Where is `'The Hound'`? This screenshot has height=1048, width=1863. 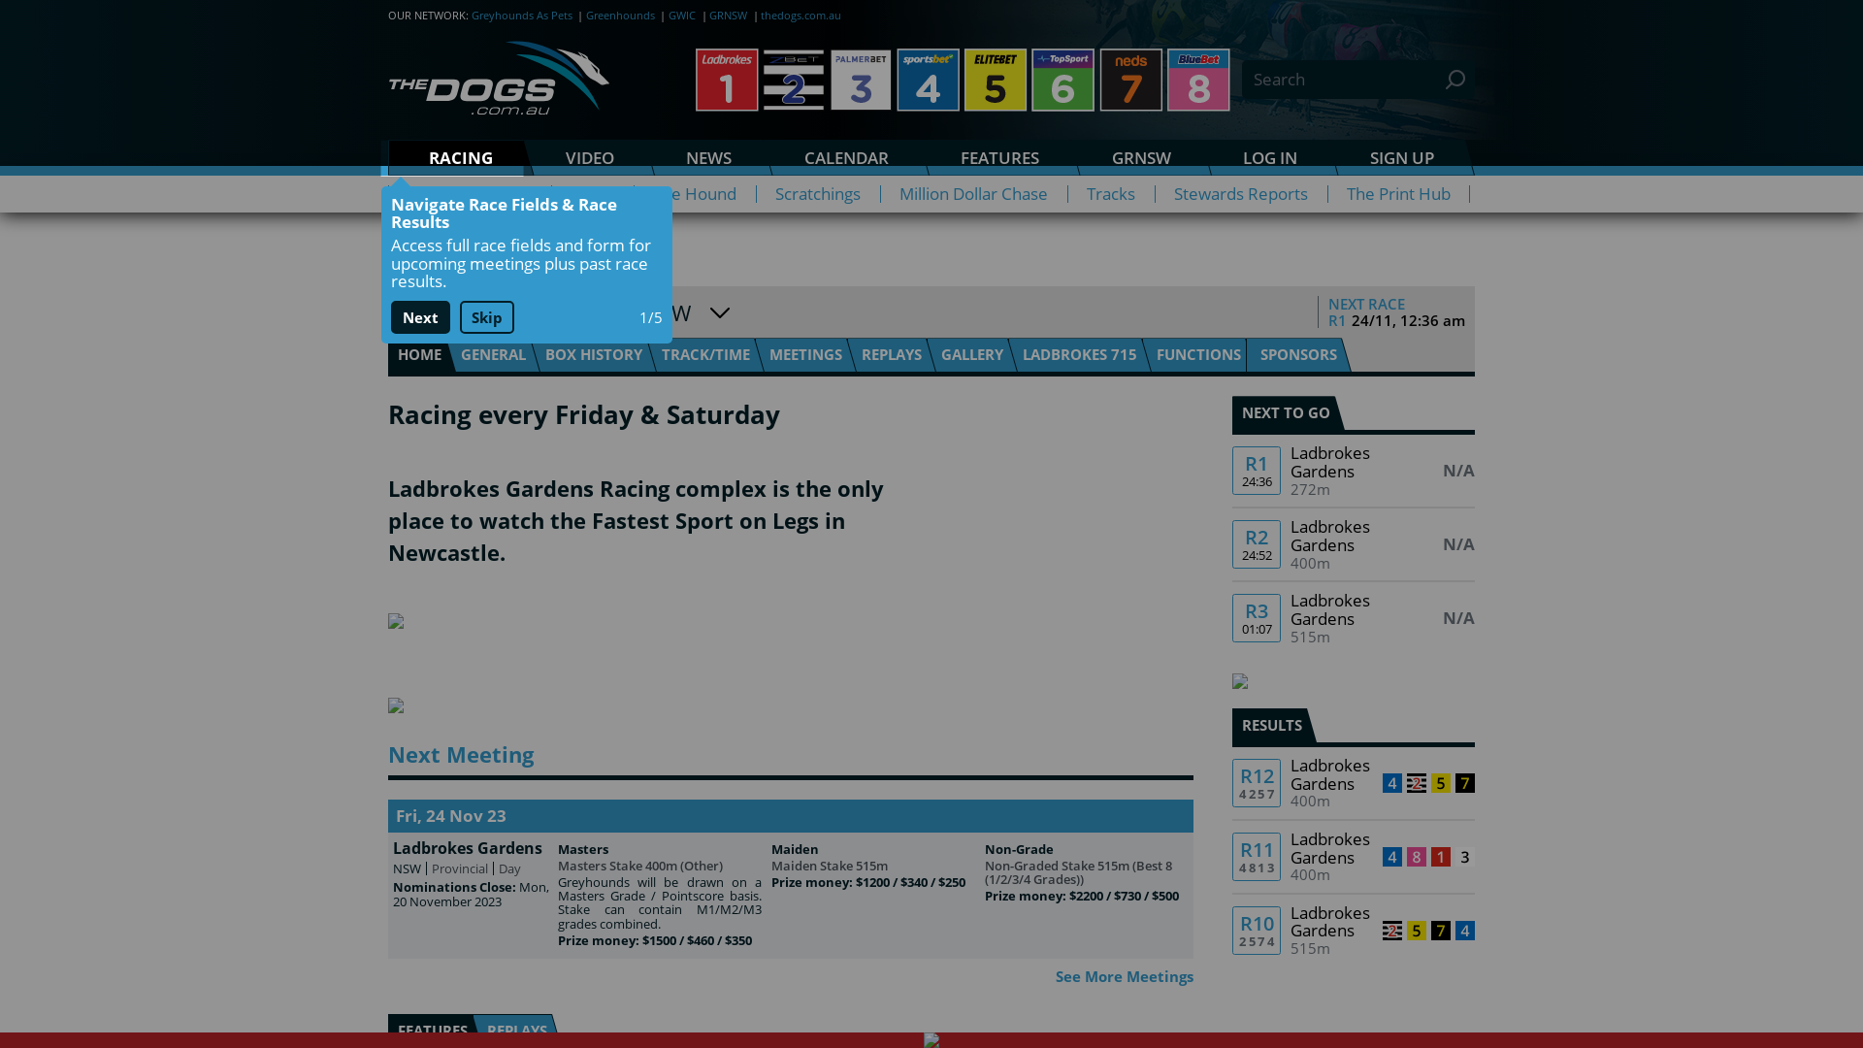
'The Hound' is located at coordinates (694, 194).